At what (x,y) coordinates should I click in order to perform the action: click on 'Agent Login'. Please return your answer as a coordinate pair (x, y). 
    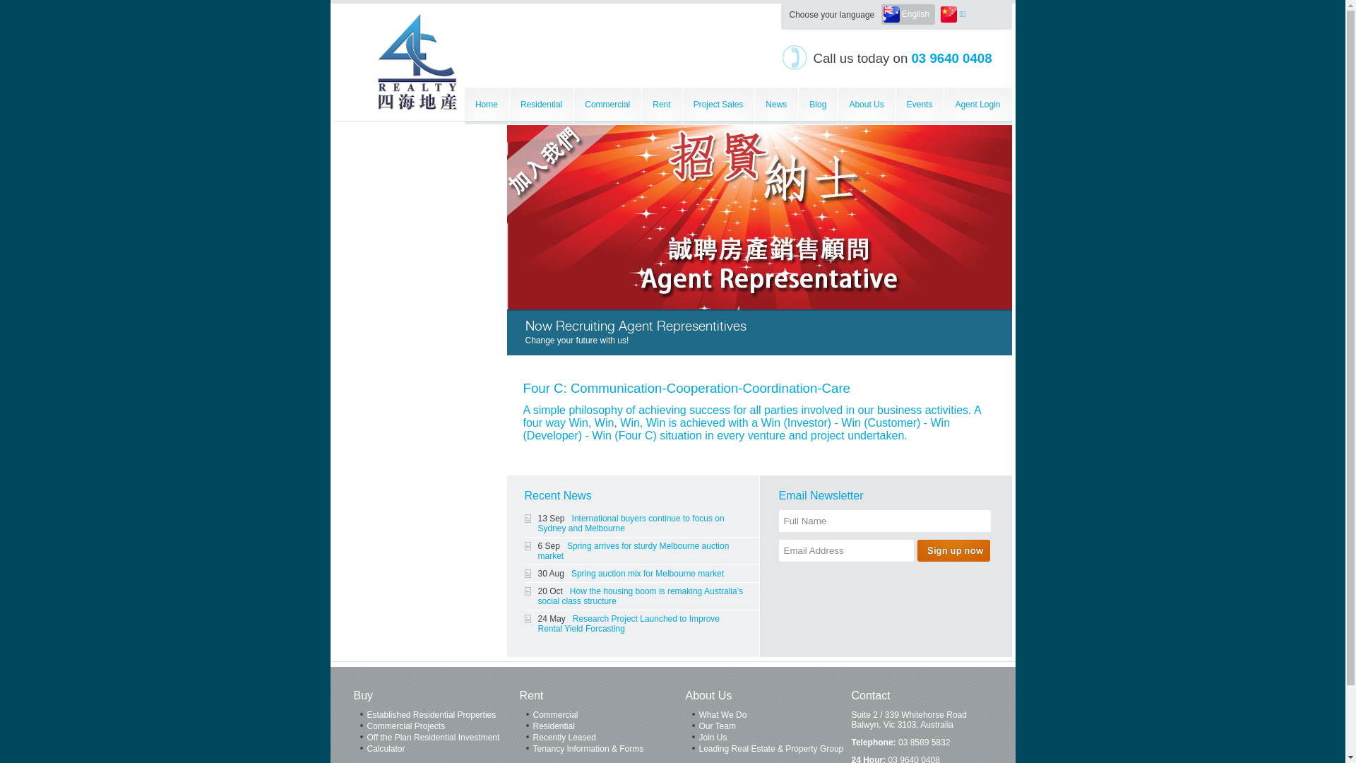
    Looking at the image, I should click on (977, 105).